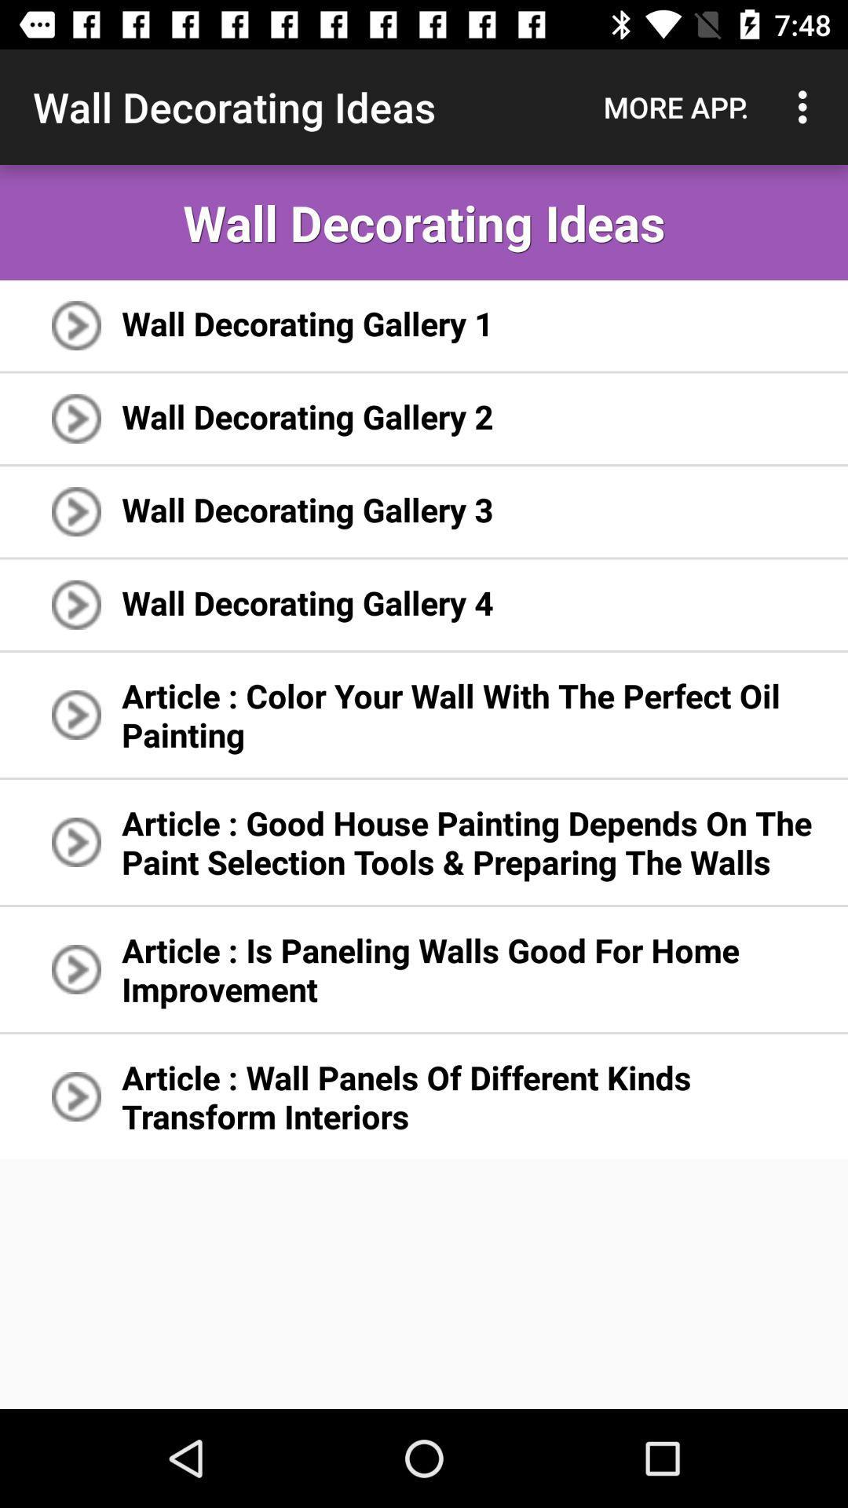  Describe the element at coordinates (806, 106) in the screenshot. I see `the item above wall decorating ideas app` at that location.